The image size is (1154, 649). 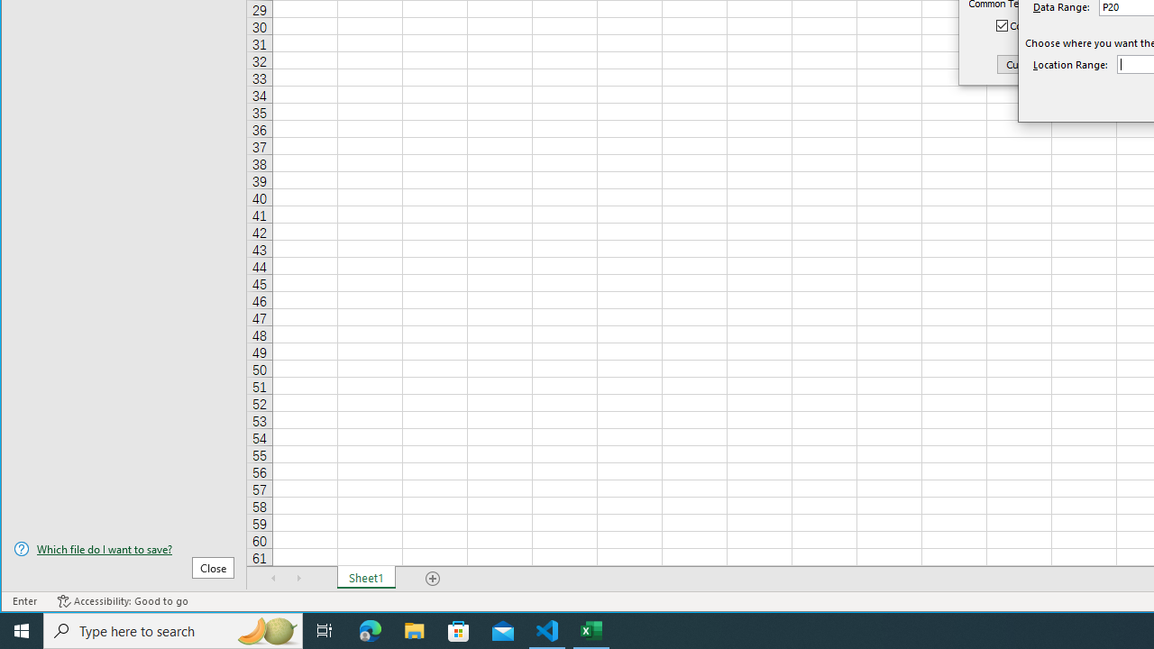 I want to click on 'Task View', so click(x=324, y=629).